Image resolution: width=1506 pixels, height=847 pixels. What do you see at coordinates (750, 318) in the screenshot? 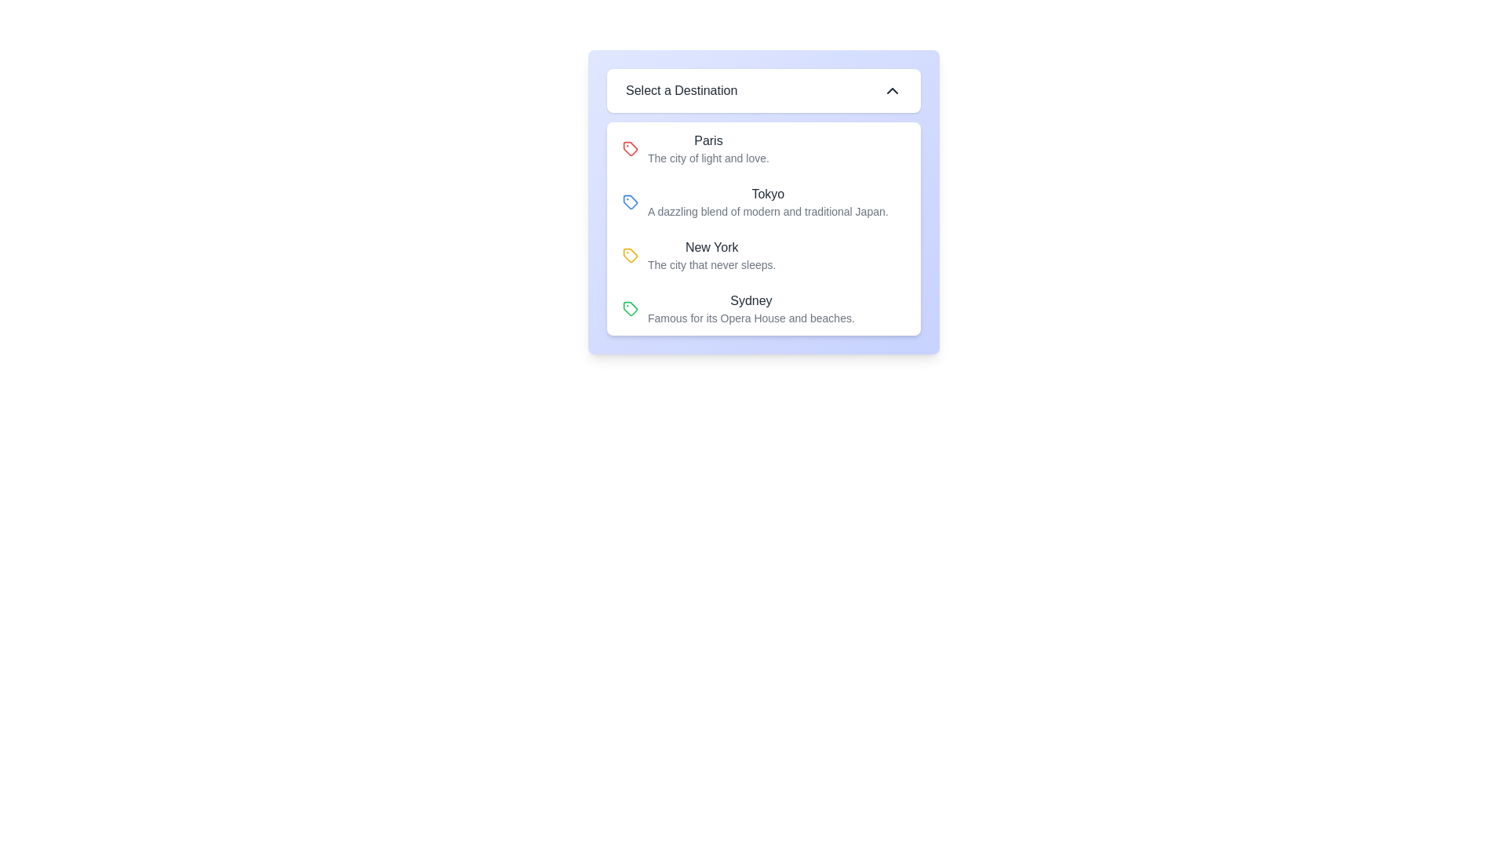
I see `the static text providing additional information about the option 'Sydney' in the dropdown menu, located below the text 'Sydney'` at bounding box center [750, 318].